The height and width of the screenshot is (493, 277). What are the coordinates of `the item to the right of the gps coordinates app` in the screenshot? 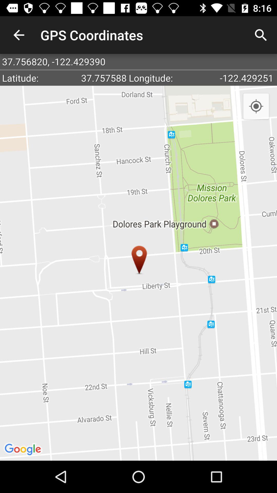 It's located at (261, 35).